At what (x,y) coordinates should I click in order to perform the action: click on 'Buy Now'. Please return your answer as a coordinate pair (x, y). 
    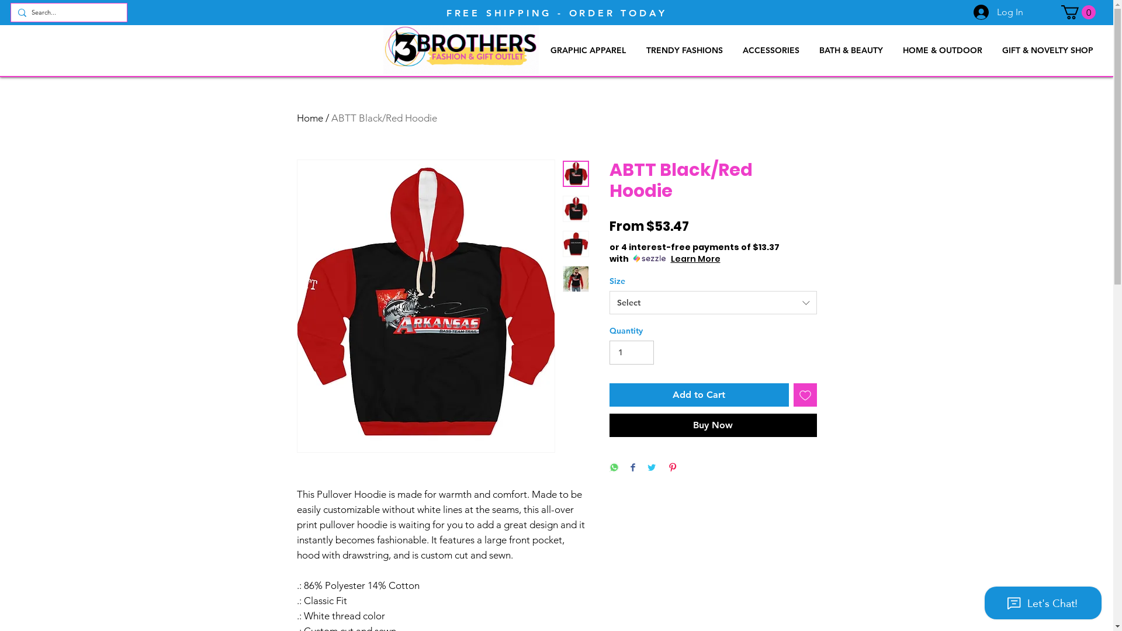
    Looking at the image, I should click on (712, 425).